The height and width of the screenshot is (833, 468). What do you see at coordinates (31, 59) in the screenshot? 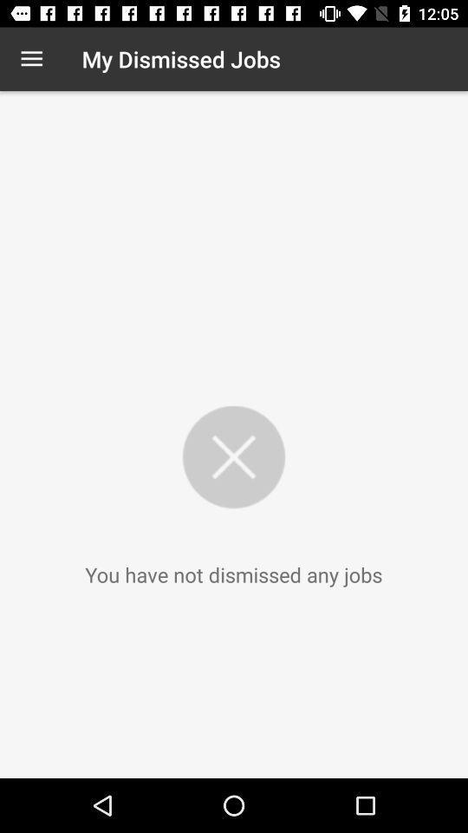
I see `the icon at the top left corner` at bounding box center [31, 59].